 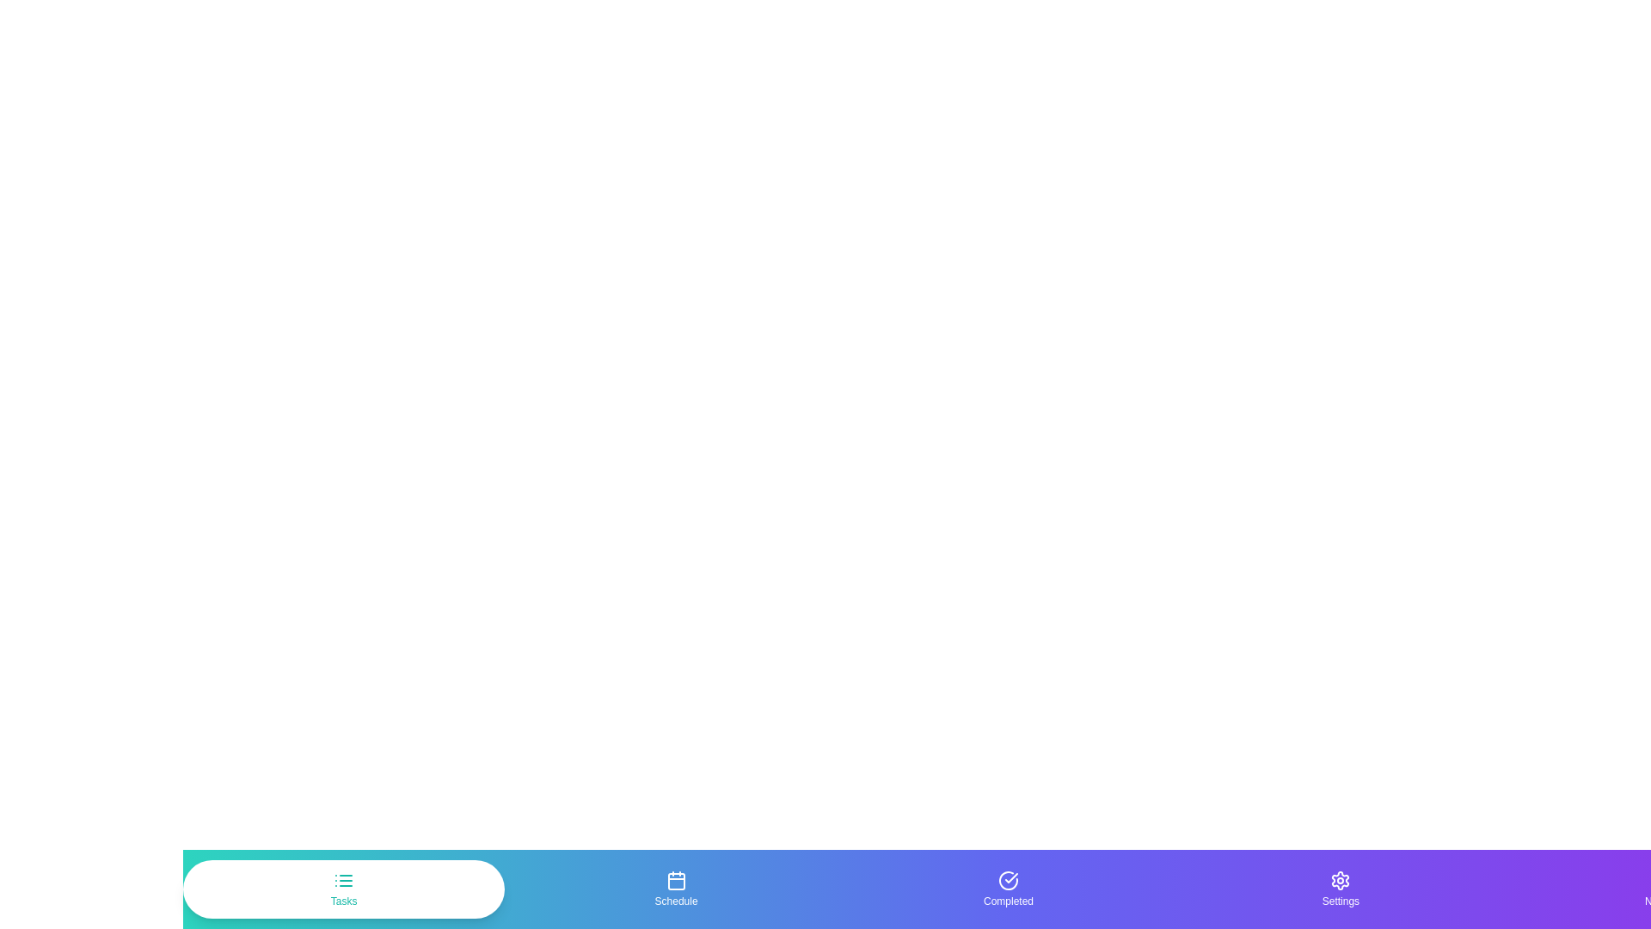 What do you see at coordinates (1340, 889) in the screenshot?
I see `the Settings tab by clicking on its button` at bounding box center [1340, 889].